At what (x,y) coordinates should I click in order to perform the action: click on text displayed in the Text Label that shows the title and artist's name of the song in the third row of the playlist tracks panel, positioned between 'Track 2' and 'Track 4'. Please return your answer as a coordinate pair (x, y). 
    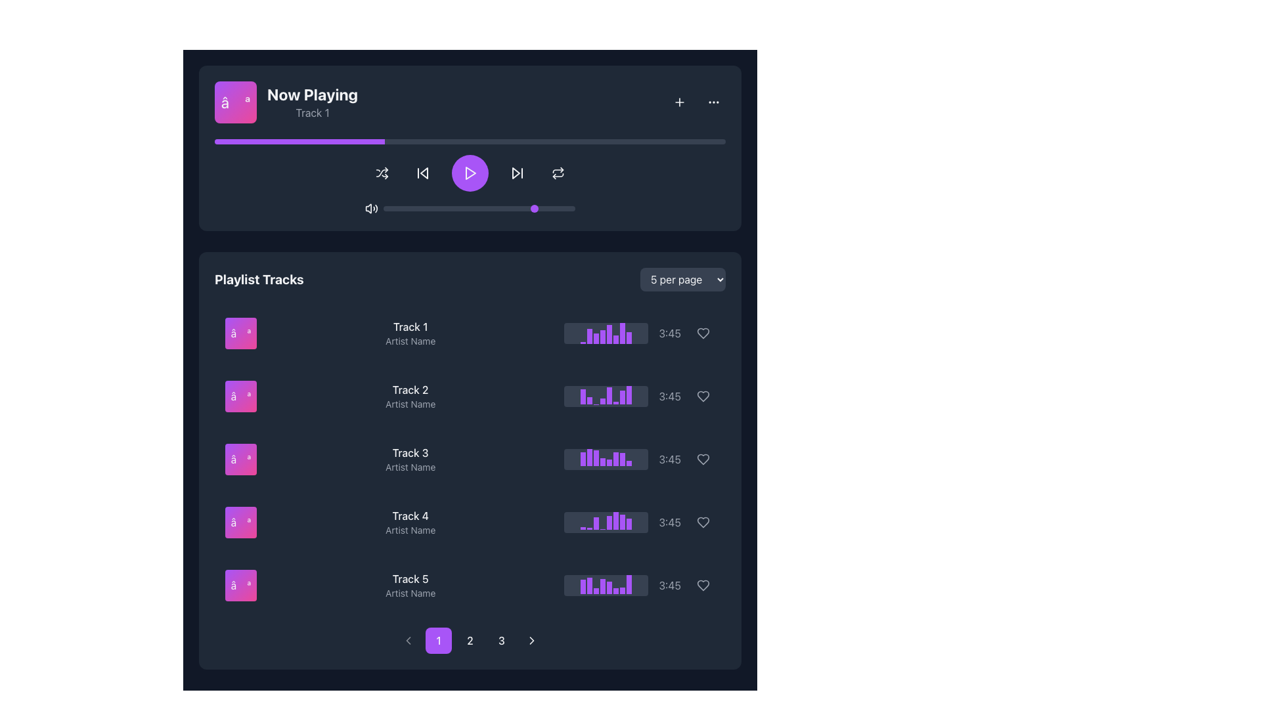
    Looking at the image, I should click on (410, 458).